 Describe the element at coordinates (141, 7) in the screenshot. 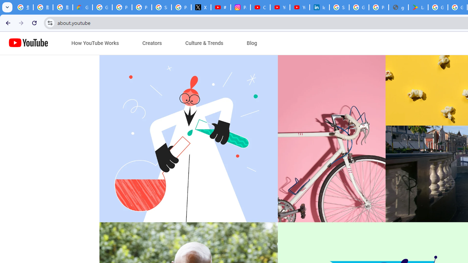

I see `'Privacy Help Center - Policies Help'` at that location.